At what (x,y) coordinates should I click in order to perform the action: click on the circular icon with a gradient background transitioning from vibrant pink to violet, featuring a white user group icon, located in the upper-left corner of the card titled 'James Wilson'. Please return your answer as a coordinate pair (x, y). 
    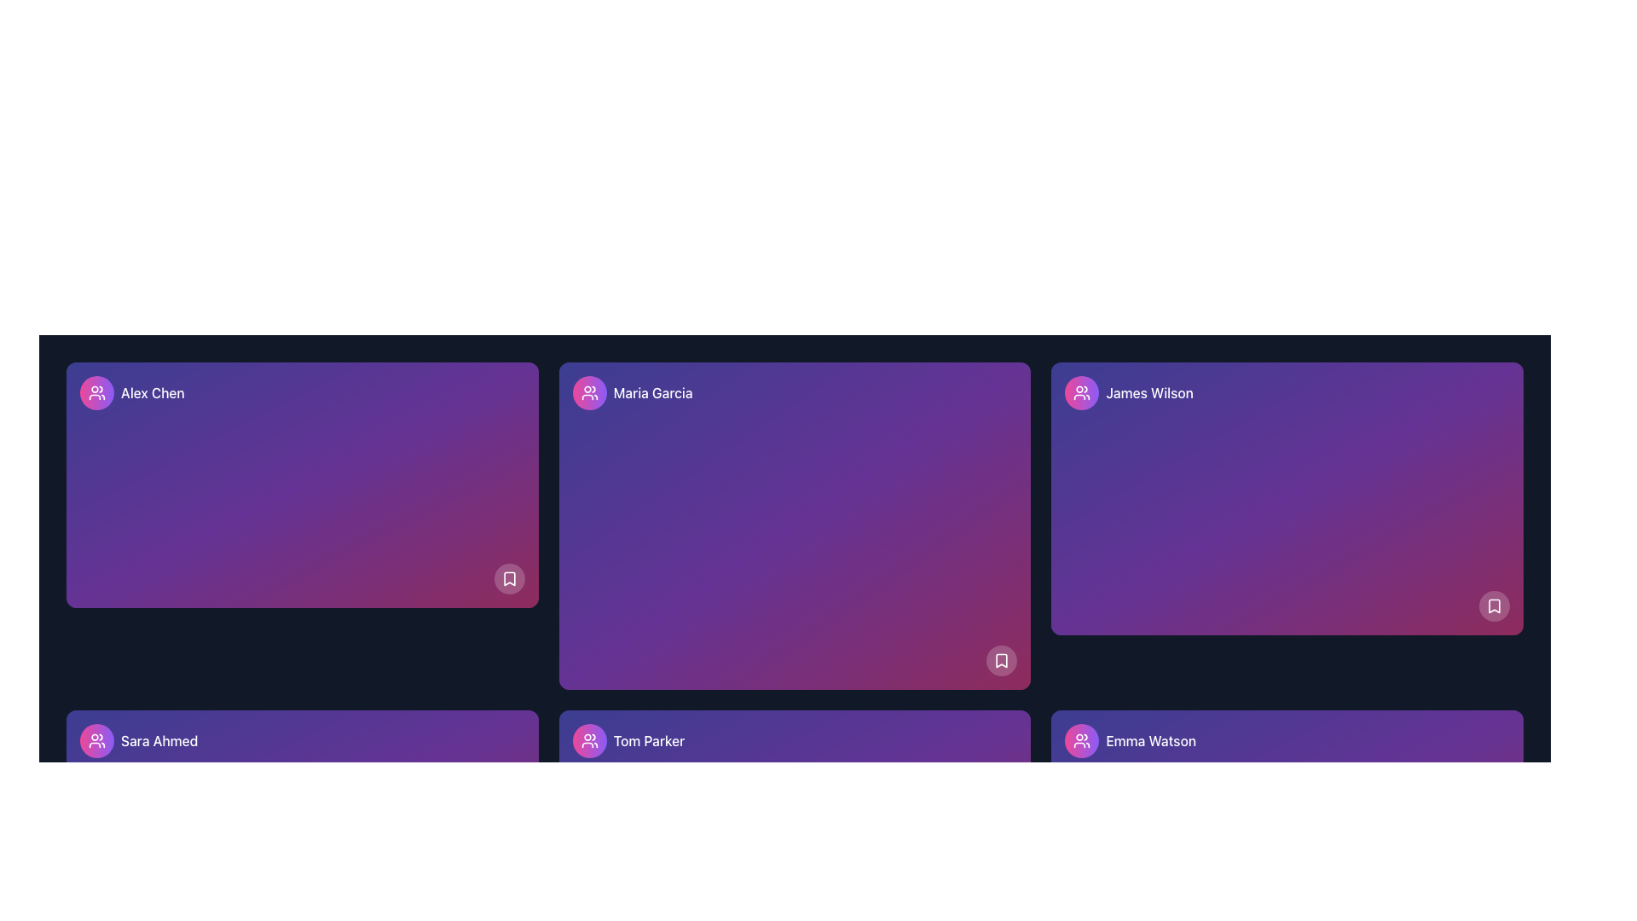
    Looking at the image, I should click on (1081, 393).